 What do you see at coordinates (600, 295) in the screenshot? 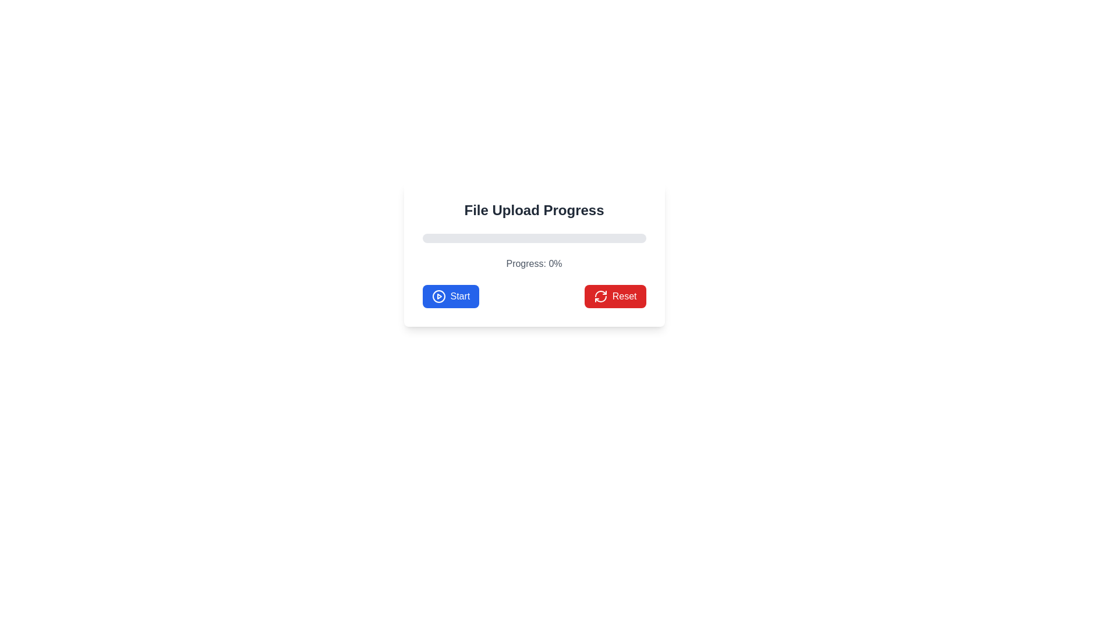
I see `the circular refresh icon with two arrows forming a clockwise cycle, located within the red 'Reset' button at the bottom-right corner of the section` at bounding box center [600, 295].